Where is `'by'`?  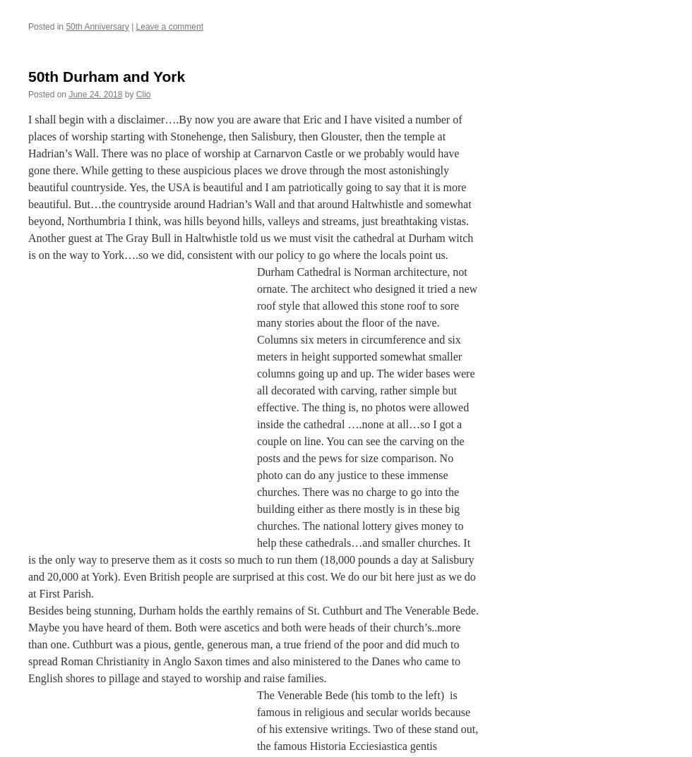 'by' is located at coordinates (129, 94).